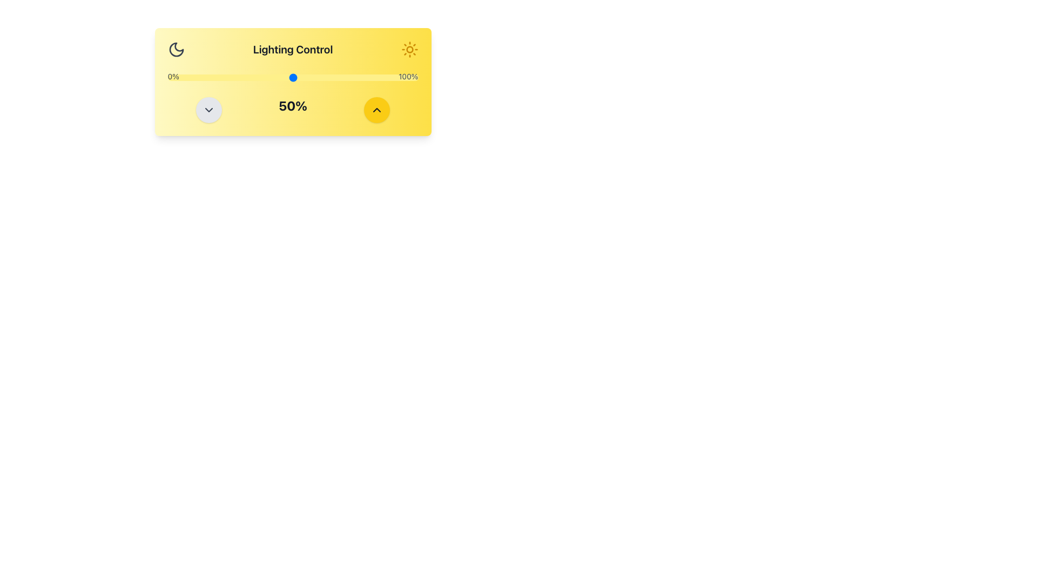 The height and width of the screenshot is (583, 1037). Describe the element at coordinates (176, 50) in the screenshot. I see `the 'moon' icon in the 'Lighting Control' section header, which indicates night mode` at that location.